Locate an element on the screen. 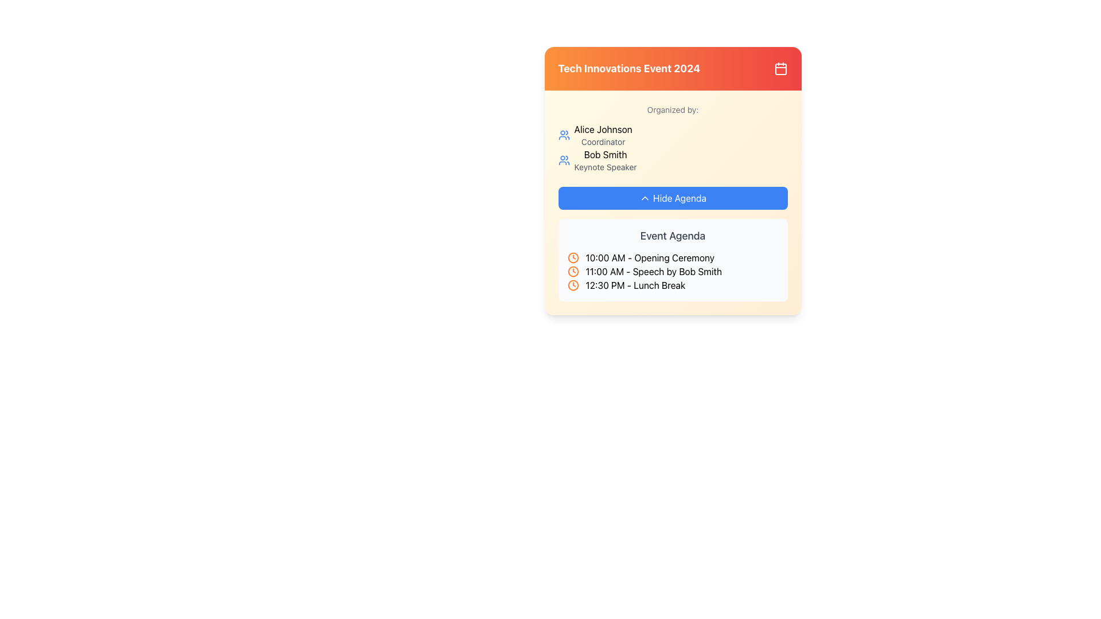 The height and width of the screenshot is (619, 1101). the small orange clock icon located to the left of the '11:00 AM - Speech by Bob Smith' text in the Event Agenda section is located at coordinates (573, 272).